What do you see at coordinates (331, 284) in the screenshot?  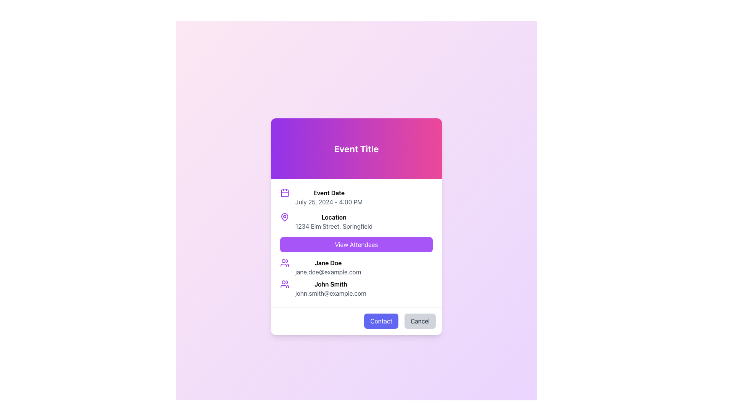 I see `the text label displaying the name of the user or contact, located in the second row of user information and aligned to the left, above the email address 'john.smith@example.com'` at bounding box center [331, 284].